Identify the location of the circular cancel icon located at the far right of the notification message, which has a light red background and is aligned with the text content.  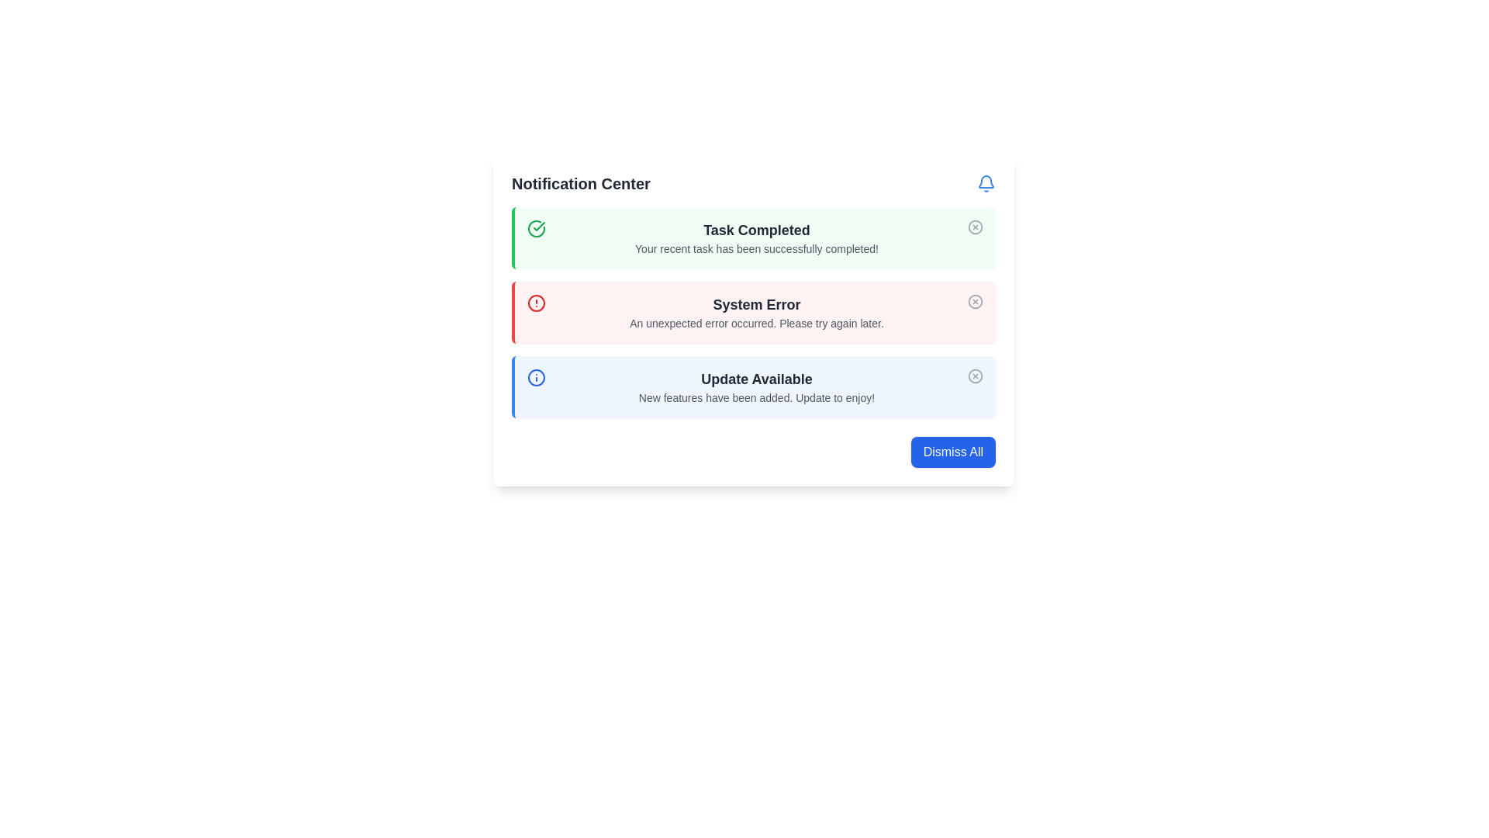
(974, 302).